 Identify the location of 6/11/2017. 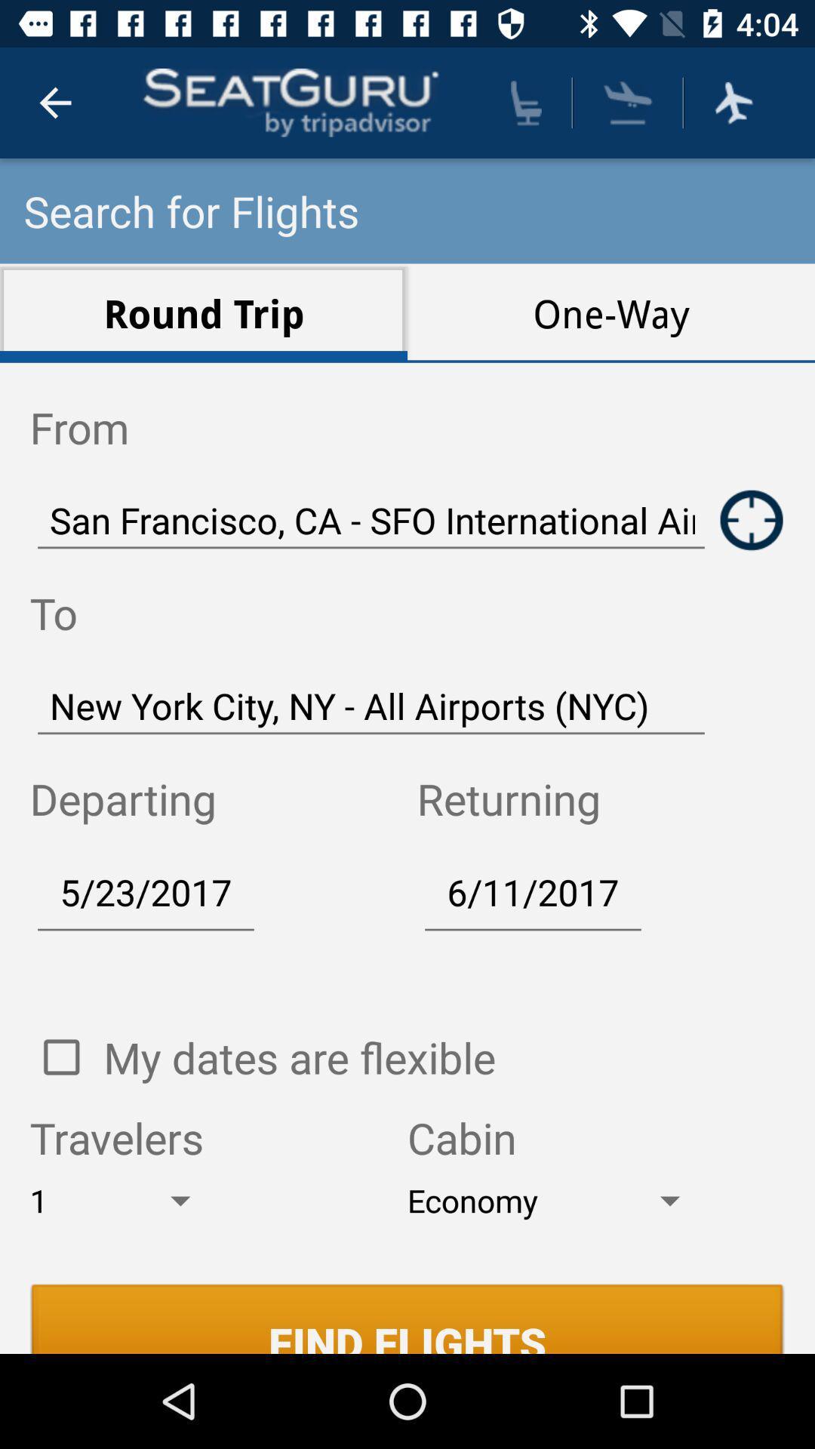
(532, 891).